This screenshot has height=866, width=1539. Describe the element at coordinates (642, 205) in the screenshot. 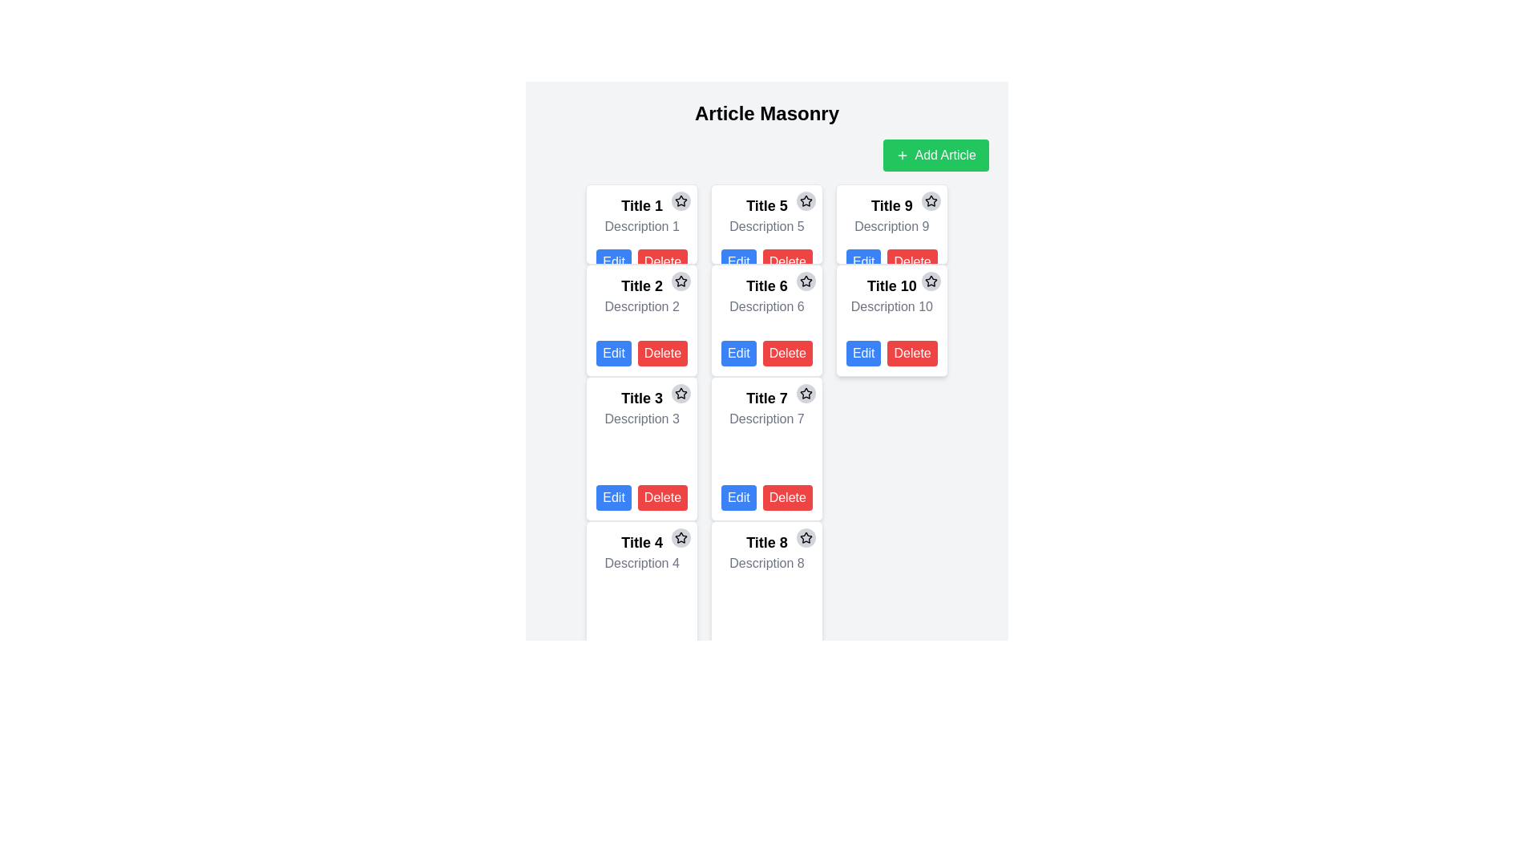

I see `the bold text label reading 'Title 1' located at the top of the card layout in the top-left corner of the grid` at that location.